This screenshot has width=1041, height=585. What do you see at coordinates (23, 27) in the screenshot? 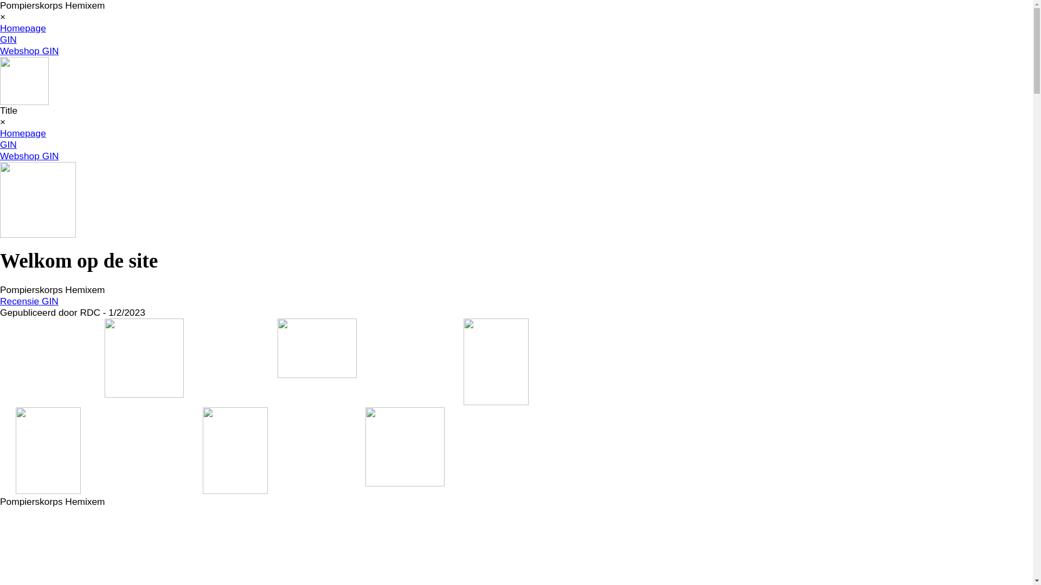
I see `'Homepage'` at bounding box center [23, 27].